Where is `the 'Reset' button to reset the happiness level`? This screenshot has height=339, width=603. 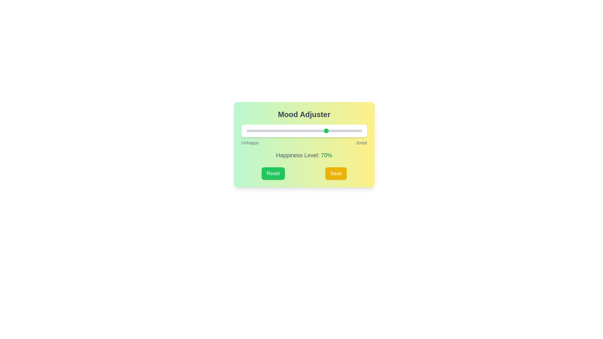 the 'Reset' button to reset the happiness level is located at coordinates (273, 173).